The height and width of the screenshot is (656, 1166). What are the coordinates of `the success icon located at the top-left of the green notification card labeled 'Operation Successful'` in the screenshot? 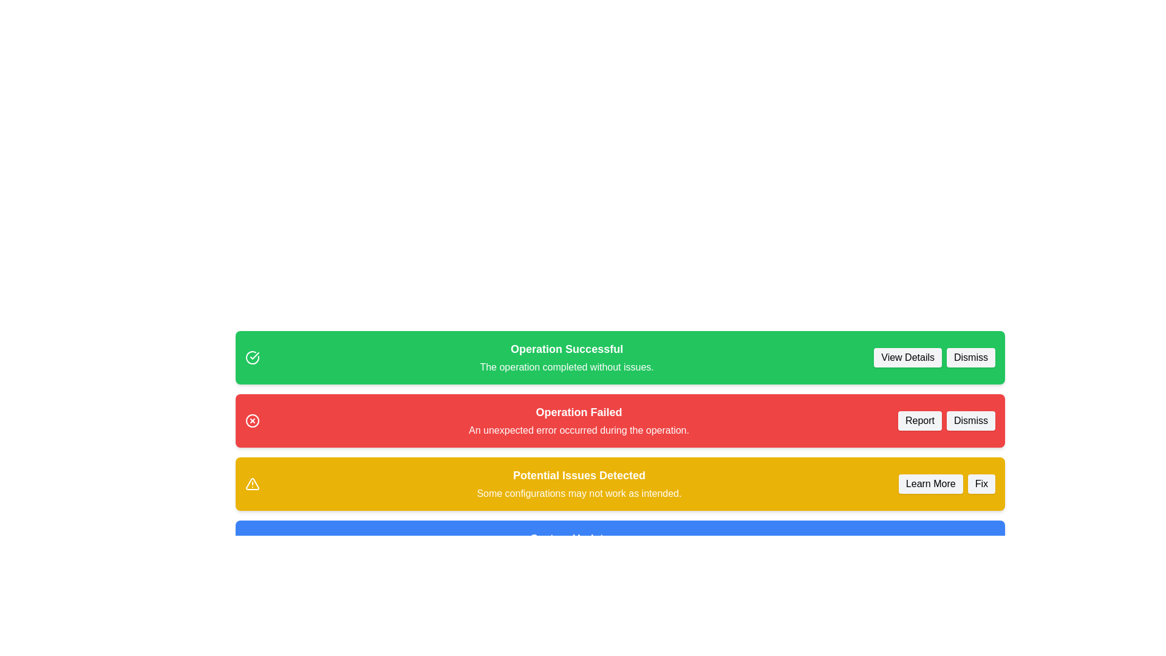 It's located at (252, 357).